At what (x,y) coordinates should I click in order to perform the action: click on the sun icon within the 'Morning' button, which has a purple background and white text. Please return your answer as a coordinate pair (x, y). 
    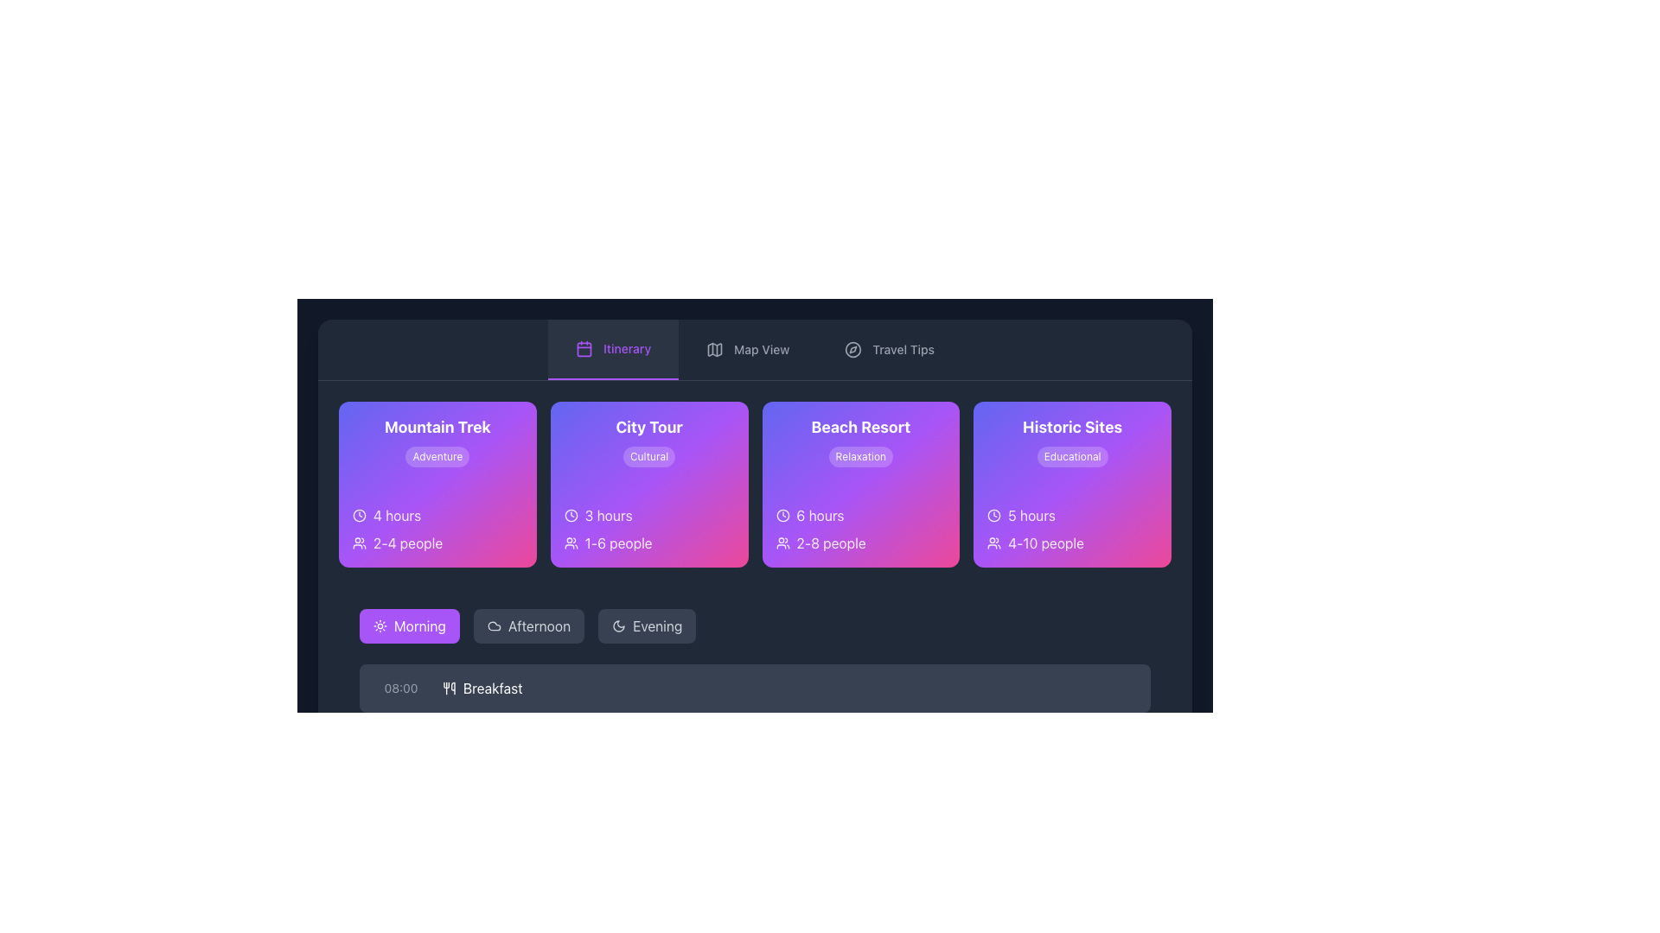
    Looking at the image, I should click on (380, 626).